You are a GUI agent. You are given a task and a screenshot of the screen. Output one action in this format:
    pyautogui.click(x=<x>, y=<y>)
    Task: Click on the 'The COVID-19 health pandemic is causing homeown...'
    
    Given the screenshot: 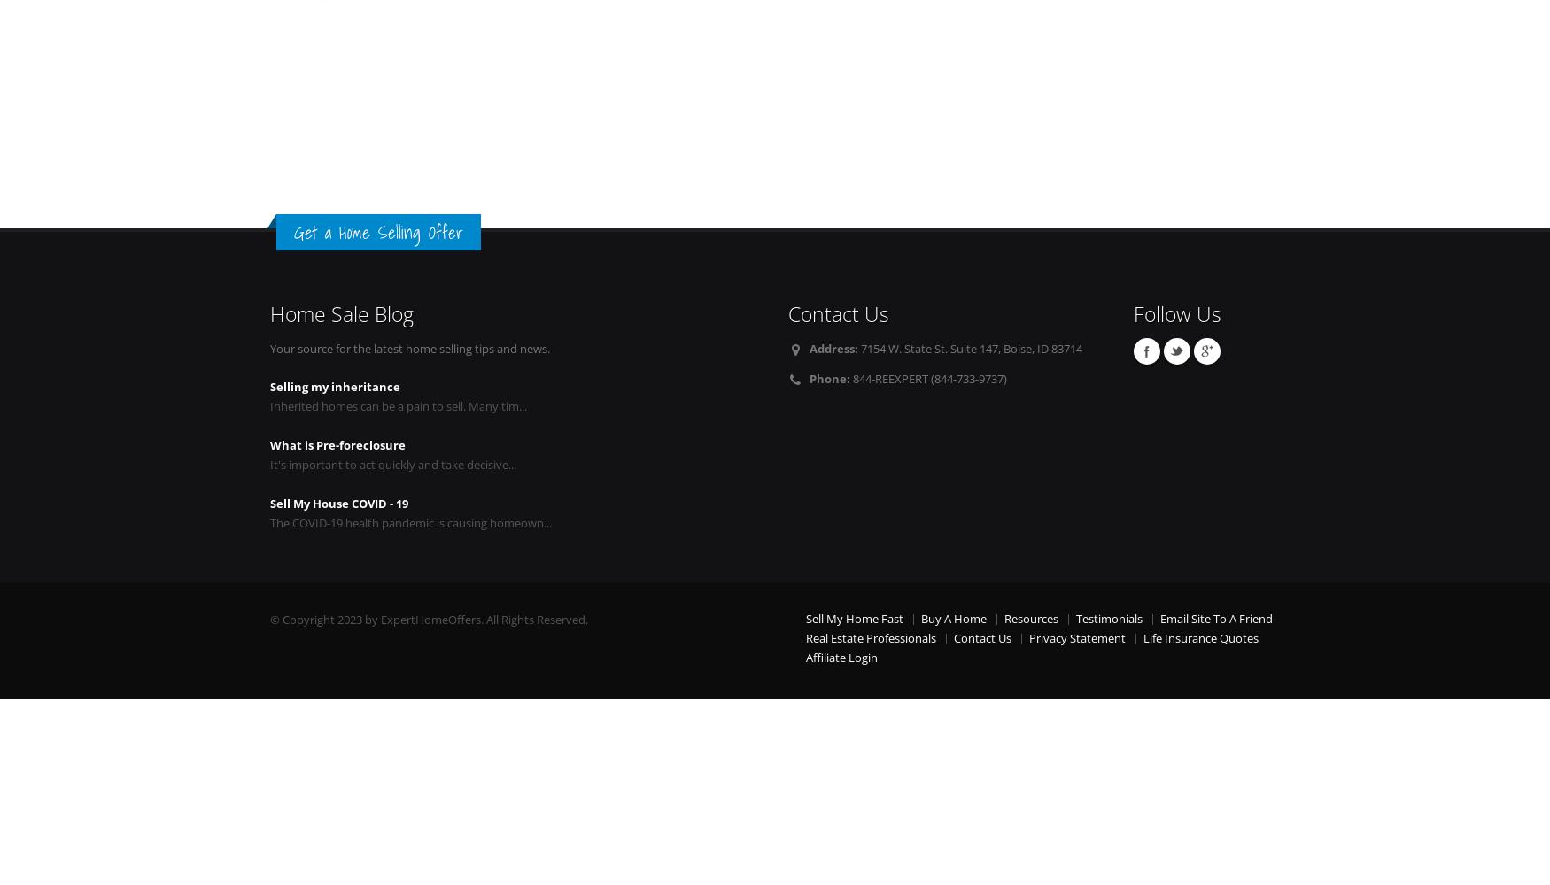 What is the action you would take?
    pyautogui.click(x=269, y=522)
    